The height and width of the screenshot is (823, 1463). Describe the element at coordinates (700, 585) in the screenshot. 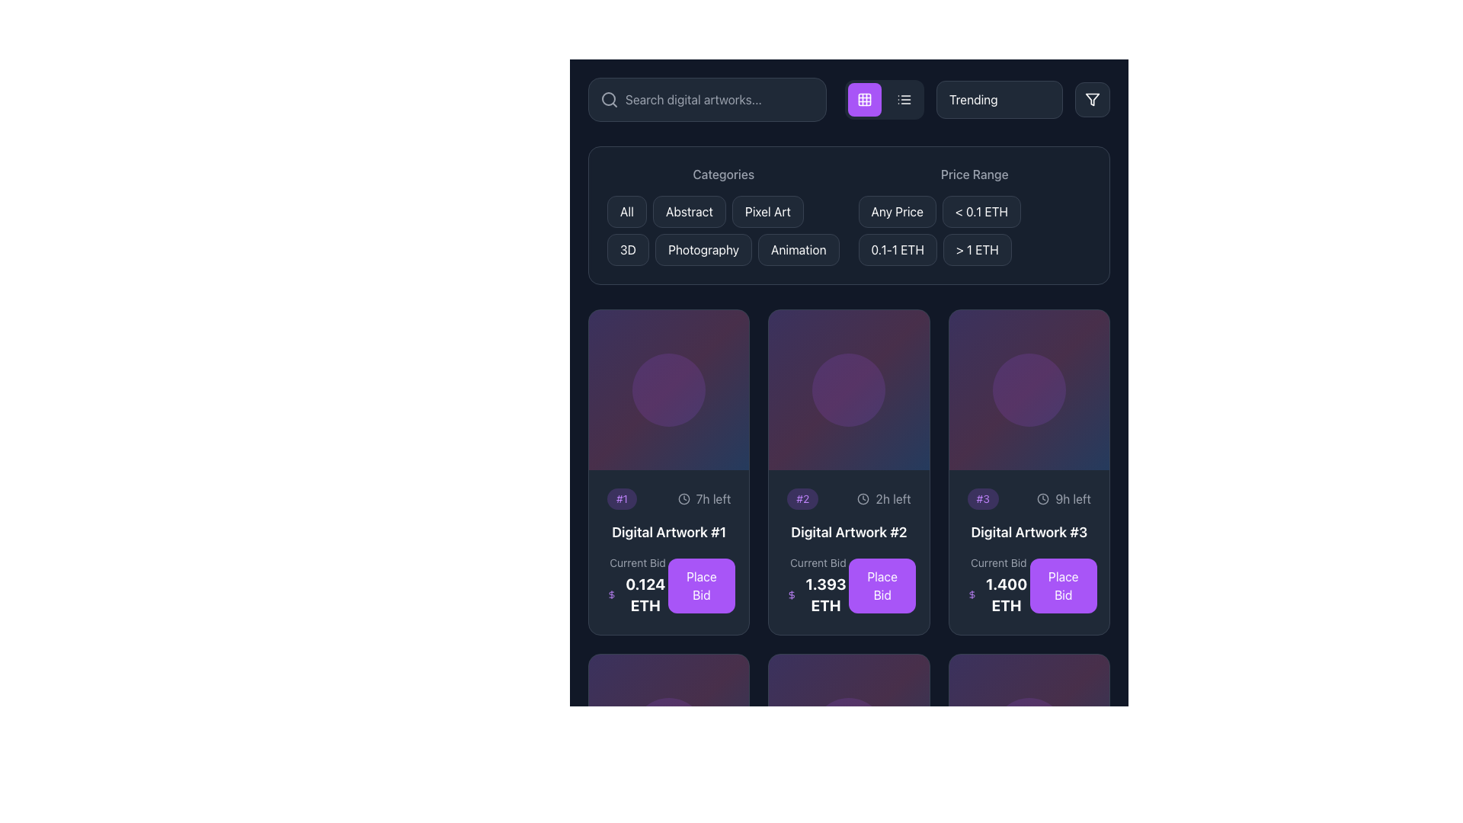

I see `the interactive button located in the lower section of the auction item card, to the right of the 'Current Bid' section, to place a bid` at that location.